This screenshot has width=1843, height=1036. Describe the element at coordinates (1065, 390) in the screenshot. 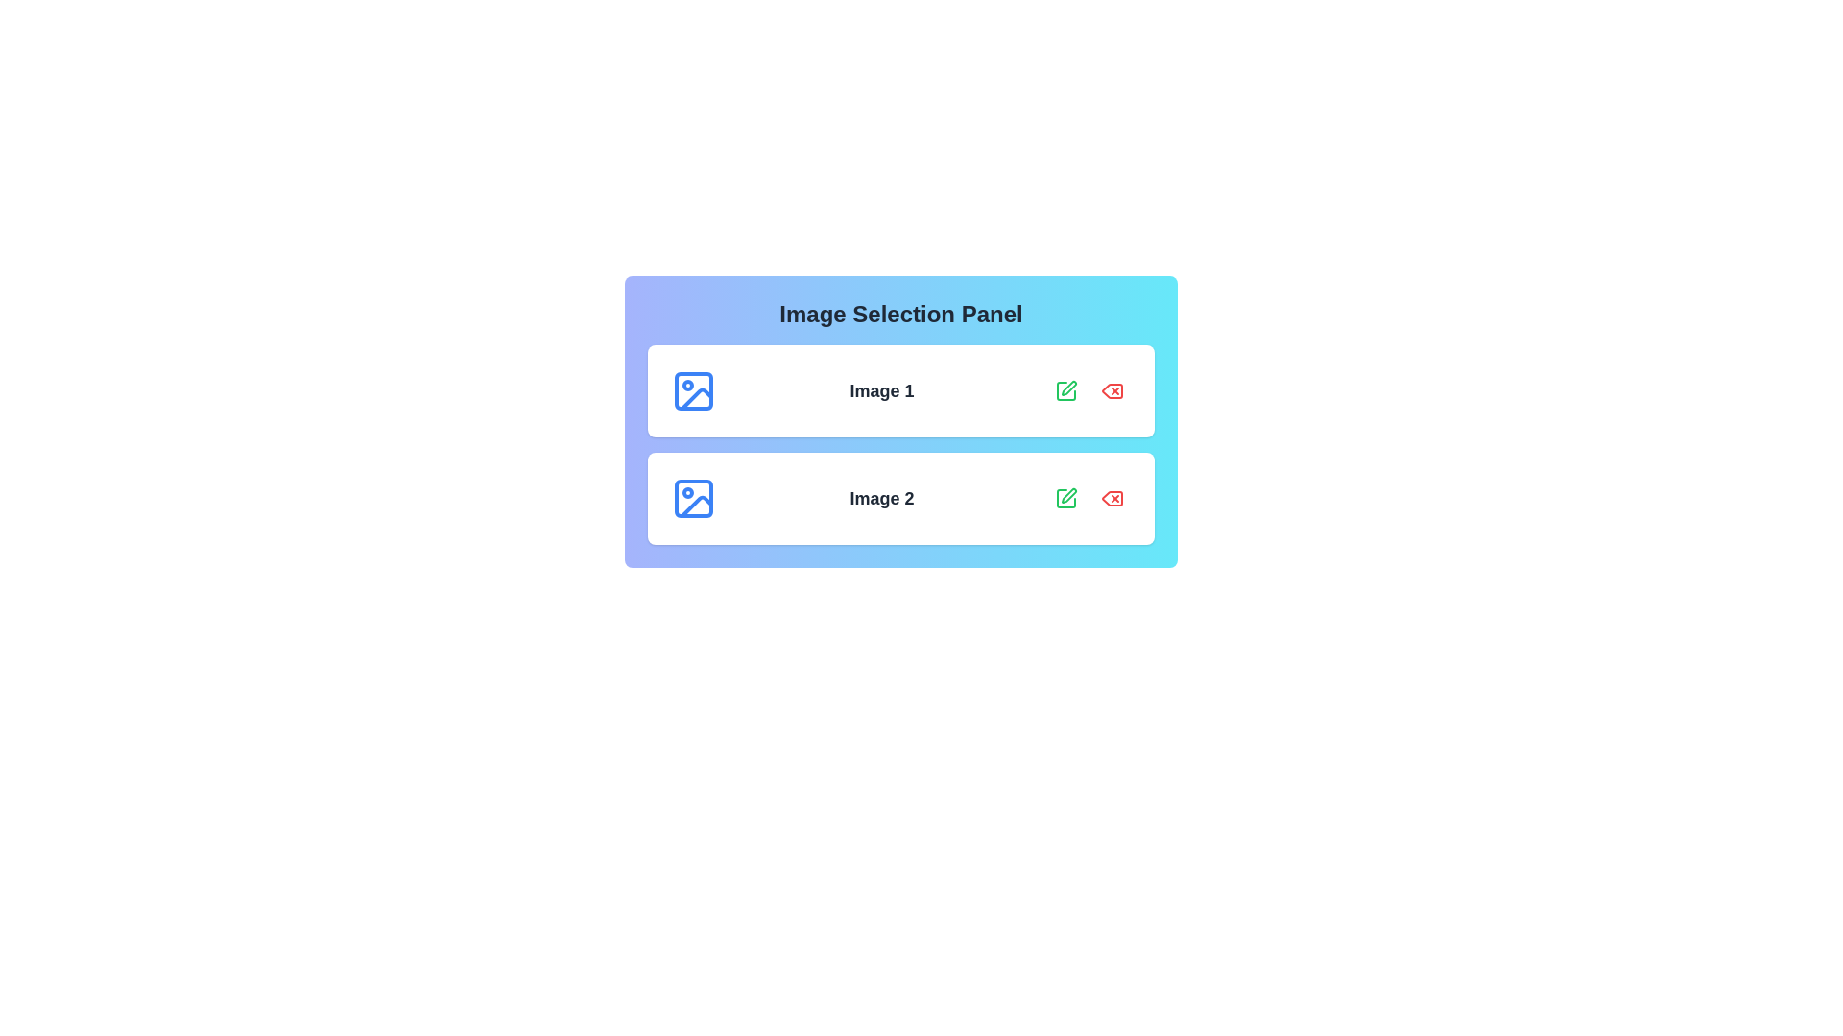

I see `the green circular pen icon located at the rightmost side of the row for 'Image 1'` at that location.